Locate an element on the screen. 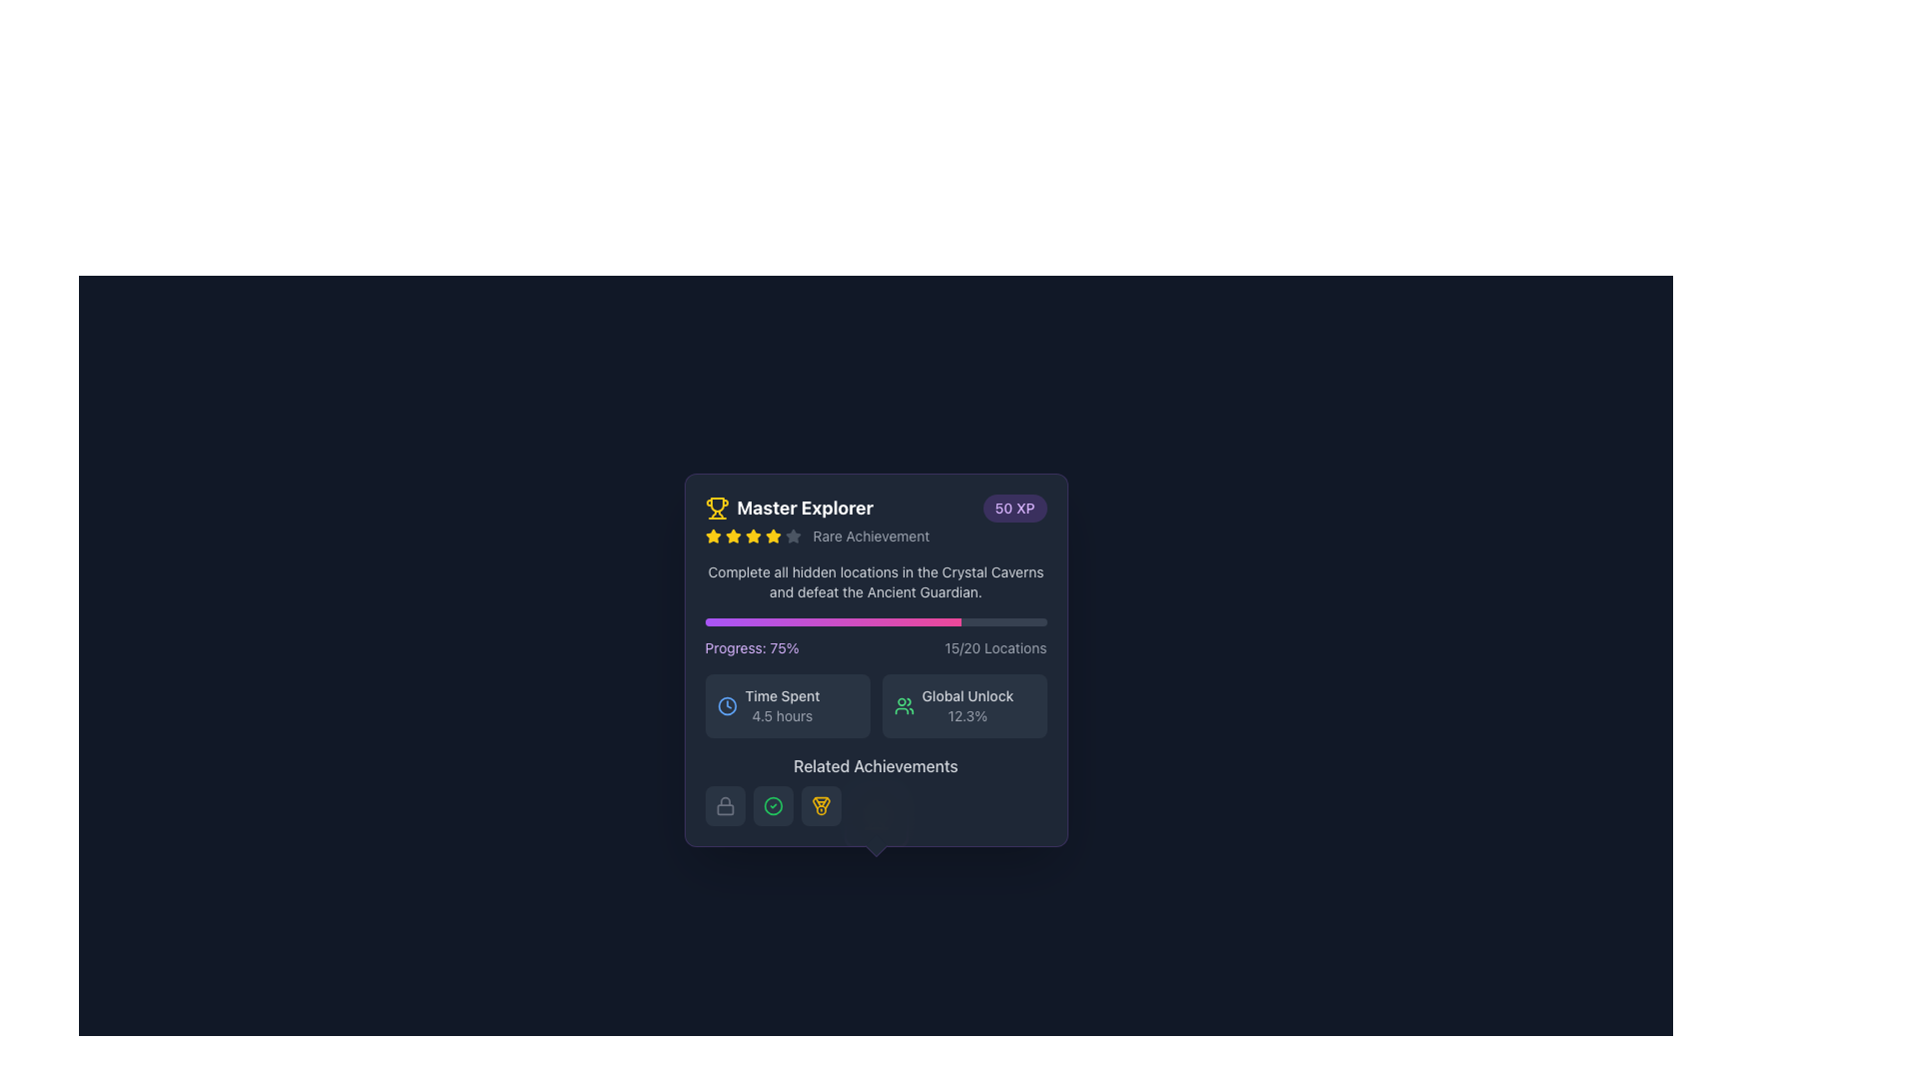  the small rectangular shape with rounded edges that represents the body of the lock icon in the lower section of the 'Related Achievements' information card is located at coordinates (724, 809).